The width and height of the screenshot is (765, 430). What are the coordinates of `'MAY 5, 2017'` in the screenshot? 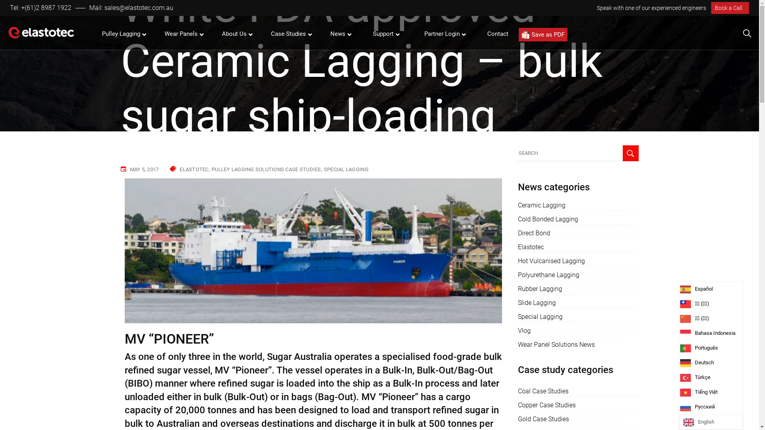 It's located at (144, 169).